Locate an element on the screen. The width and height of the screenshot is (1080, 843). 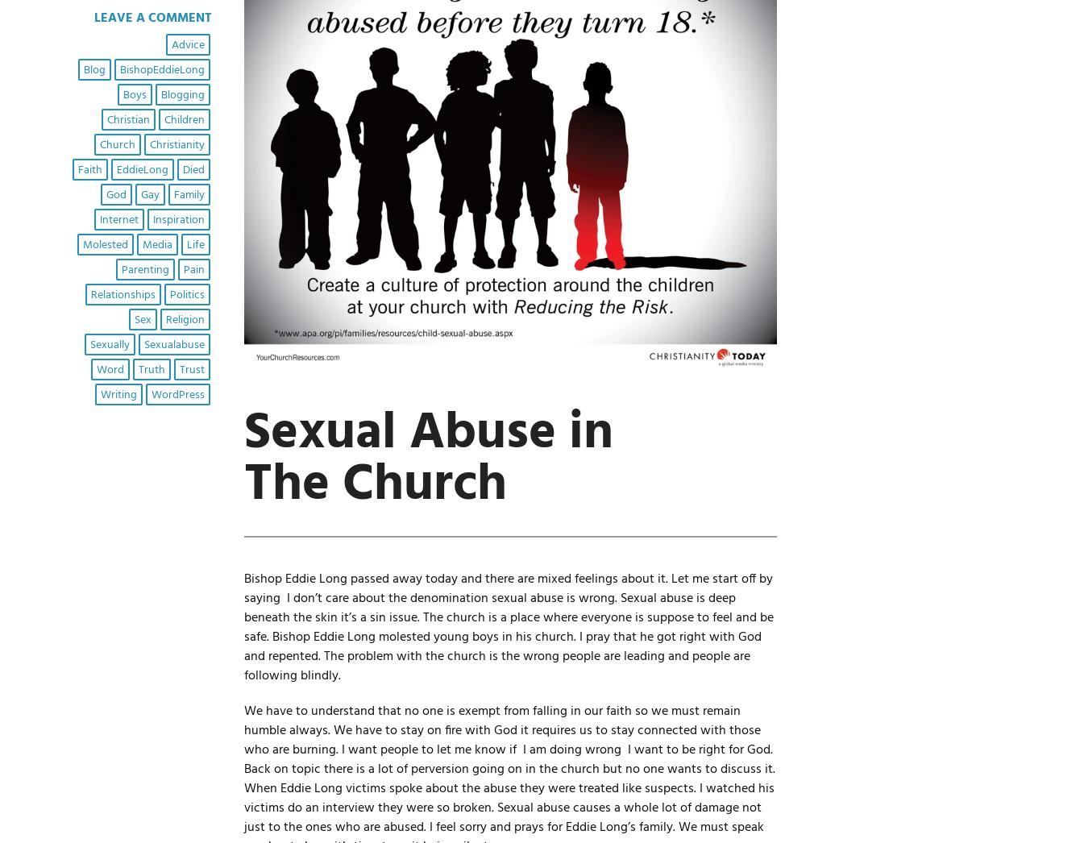
'Internet' is located at coordinates (118, 219).